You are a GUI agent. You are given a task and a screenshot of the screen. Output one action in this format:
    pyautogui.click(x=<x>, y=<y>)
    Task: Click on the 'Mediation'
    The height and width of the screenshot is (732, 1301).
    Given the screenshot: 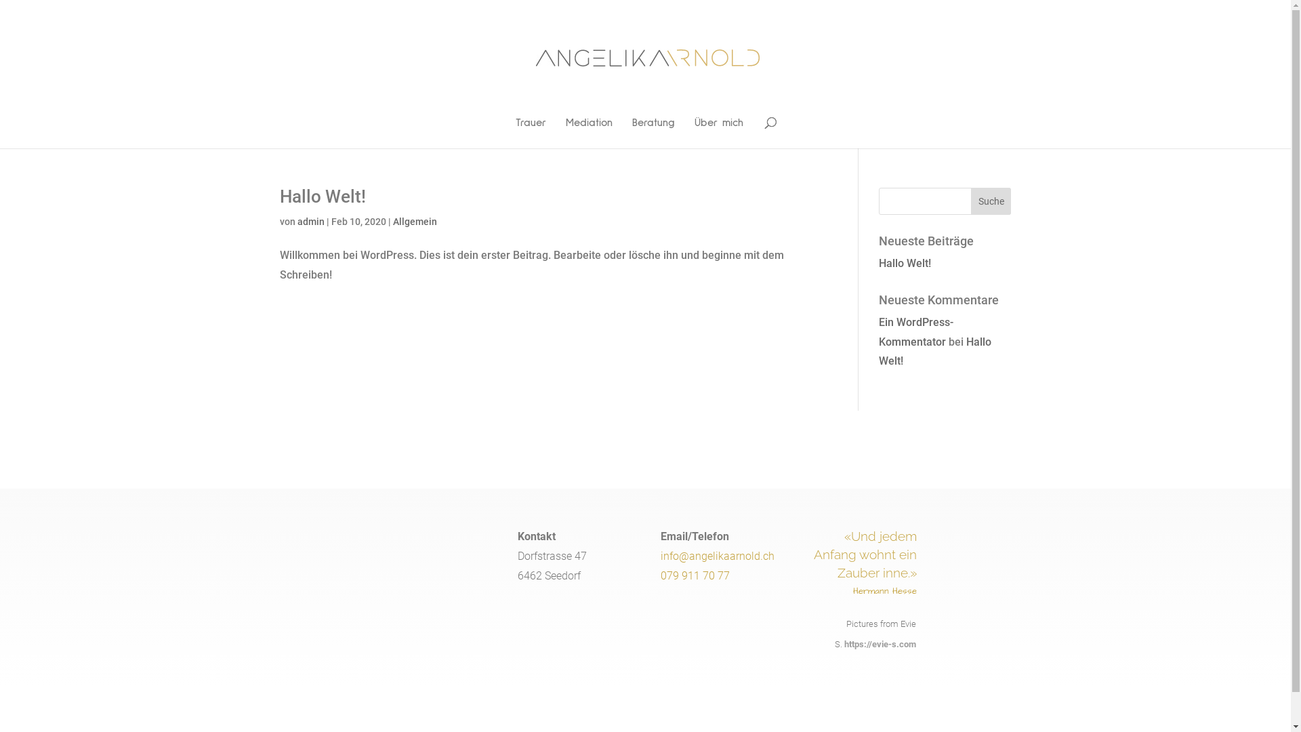 What is the action you would take?
    pyautogui.click(x=566, y=133)
    